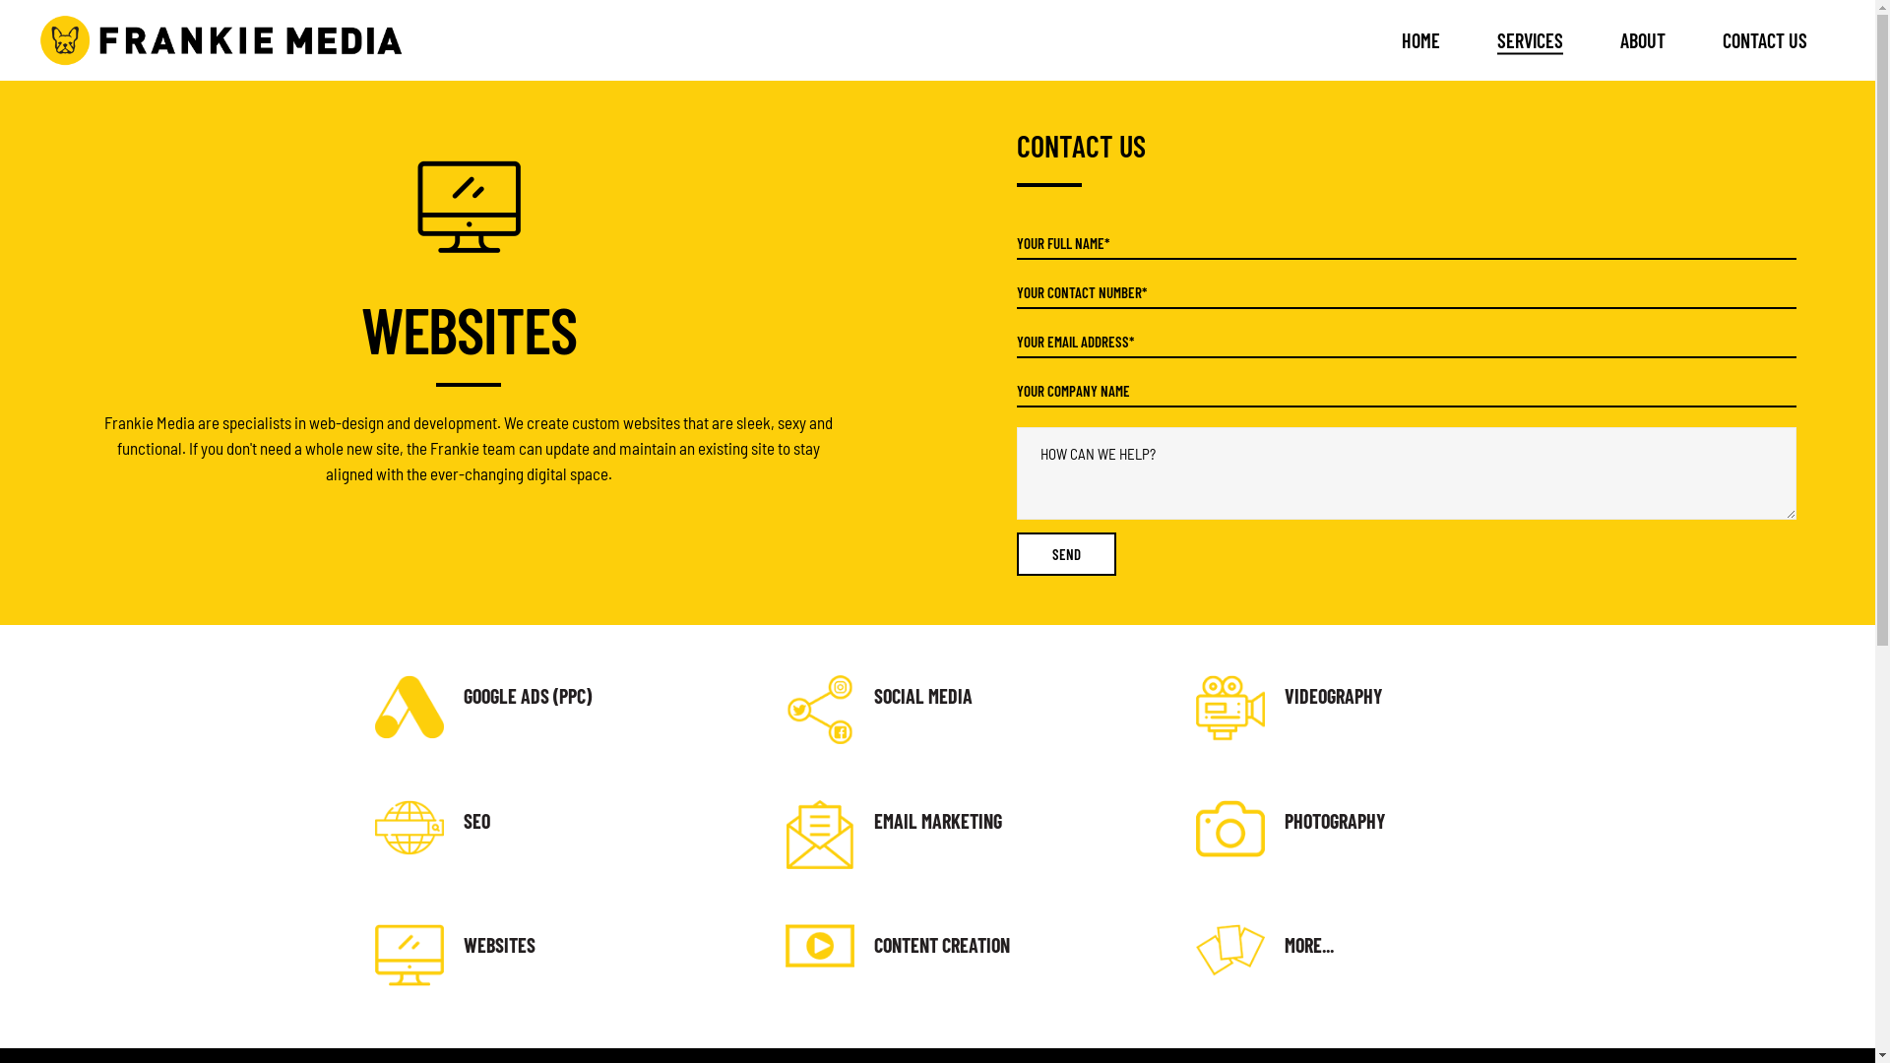  What do you see at coordinates (873, 820) in the screenshot?
I see `'EMAIL MARKETING'` at bounding box center [873, 820].